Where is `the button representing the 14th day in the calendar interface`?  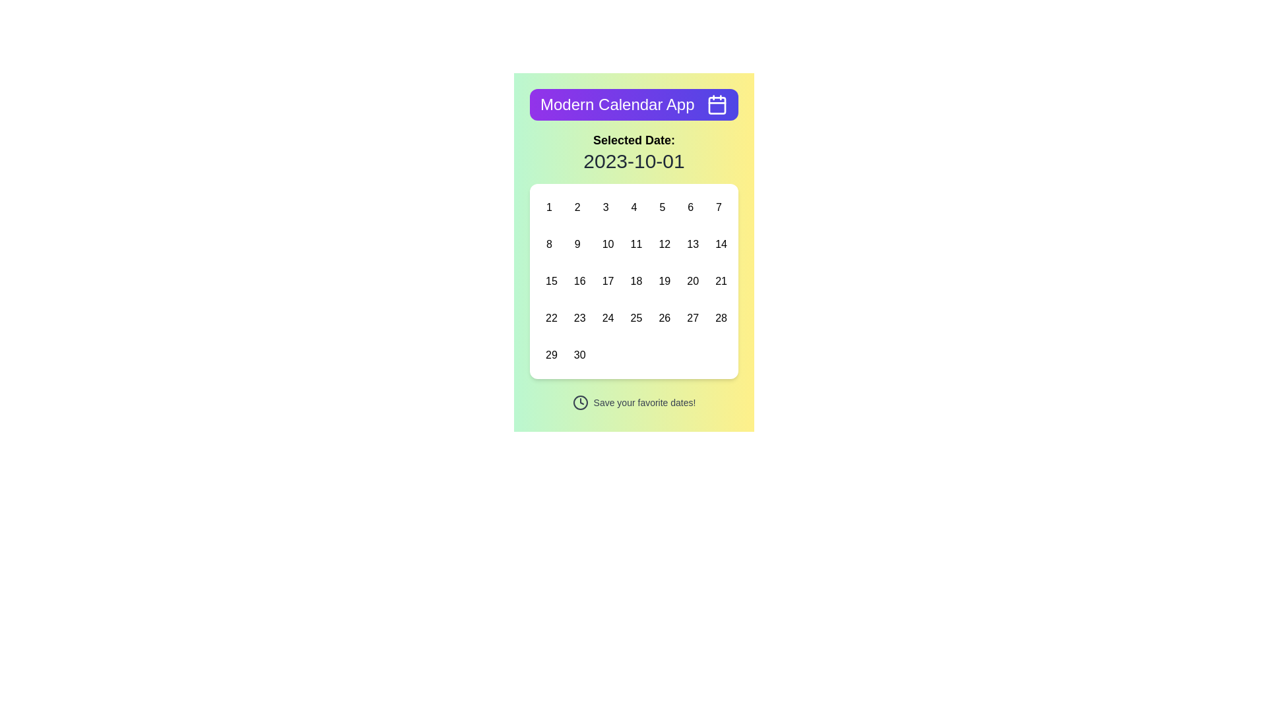 the button representing the 14th day in the calendar interface is located at coordinates (718, 244).